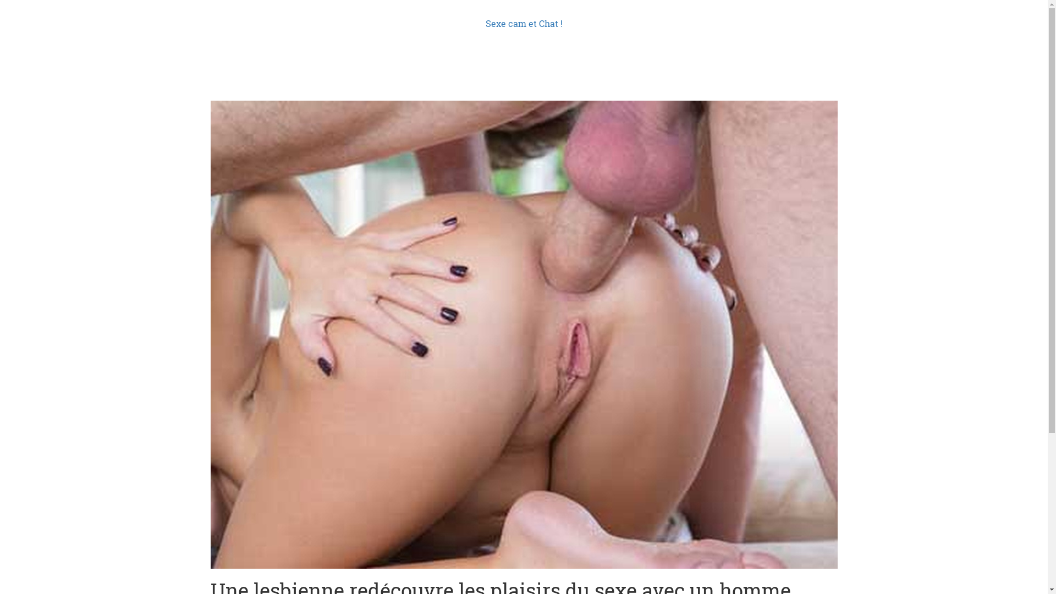  What do you see at coordinates (522, 23) in the screenshot?
I see `'Sexe cam et Chat !'` at bounding box center [522, 23].